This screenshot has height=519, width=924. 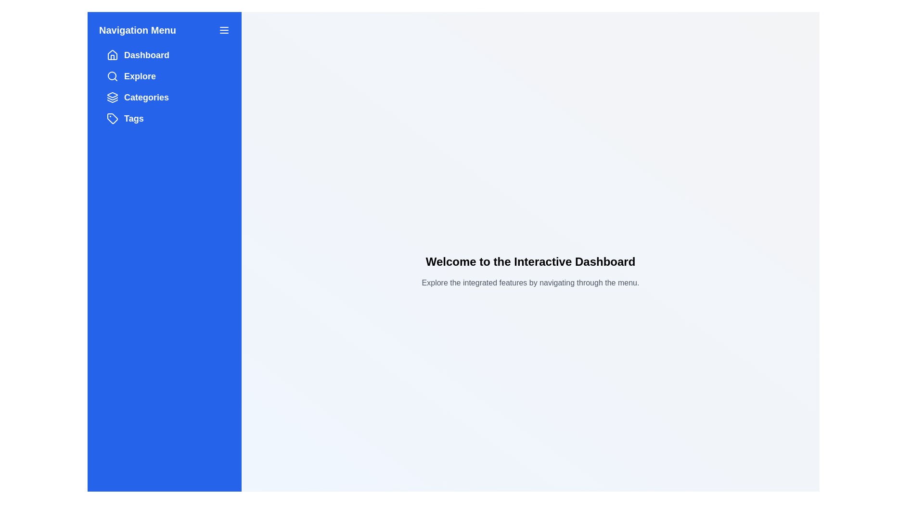 What do you see at coordinates (164, 75) in the screenshot?
I see `the menu item labeled Explore` at bounding box center [164, 75].